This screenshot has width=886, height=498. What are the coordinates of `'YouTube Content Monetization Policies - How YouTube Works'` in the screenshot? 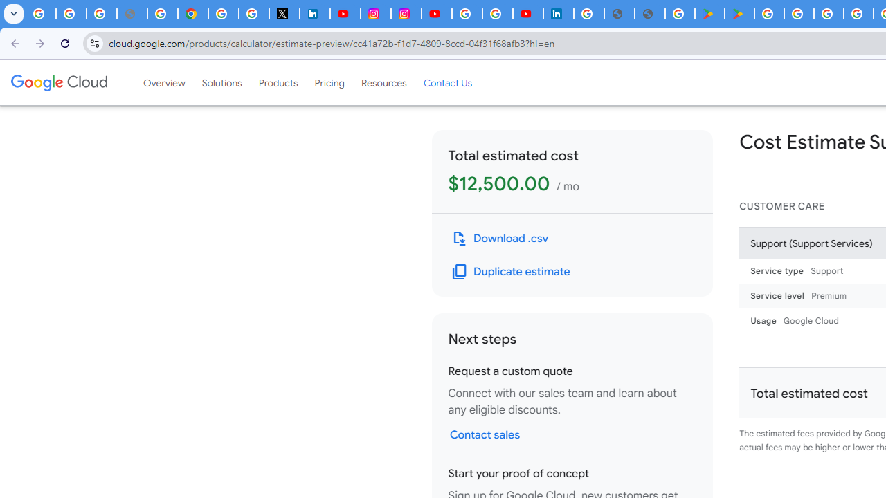 It's located at (345, 14).